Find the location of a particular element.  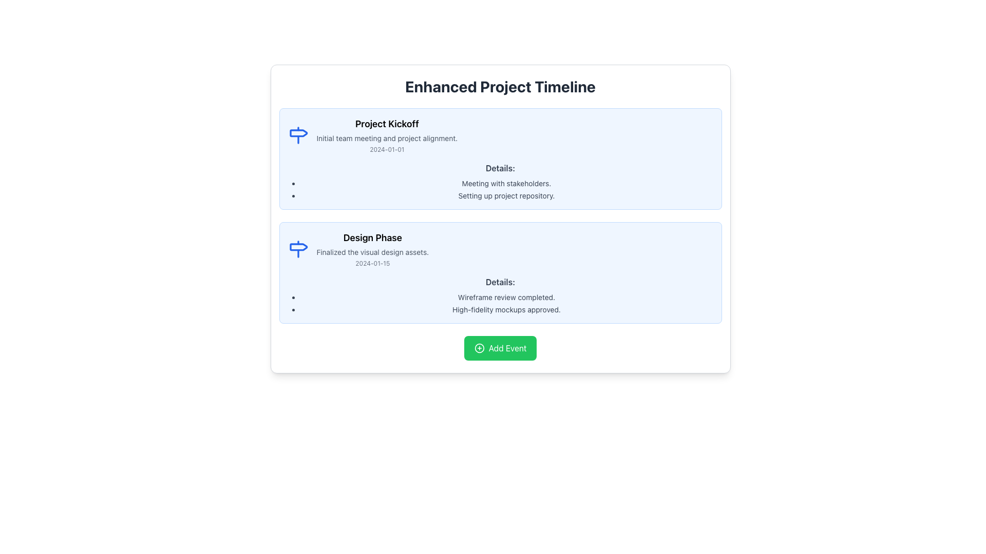

the right-pointing arrow of the SVG icon that is part of the first milestone entry labeled 'Project Kickoff' at the top of the timeline is located at coordinates (298, 132).